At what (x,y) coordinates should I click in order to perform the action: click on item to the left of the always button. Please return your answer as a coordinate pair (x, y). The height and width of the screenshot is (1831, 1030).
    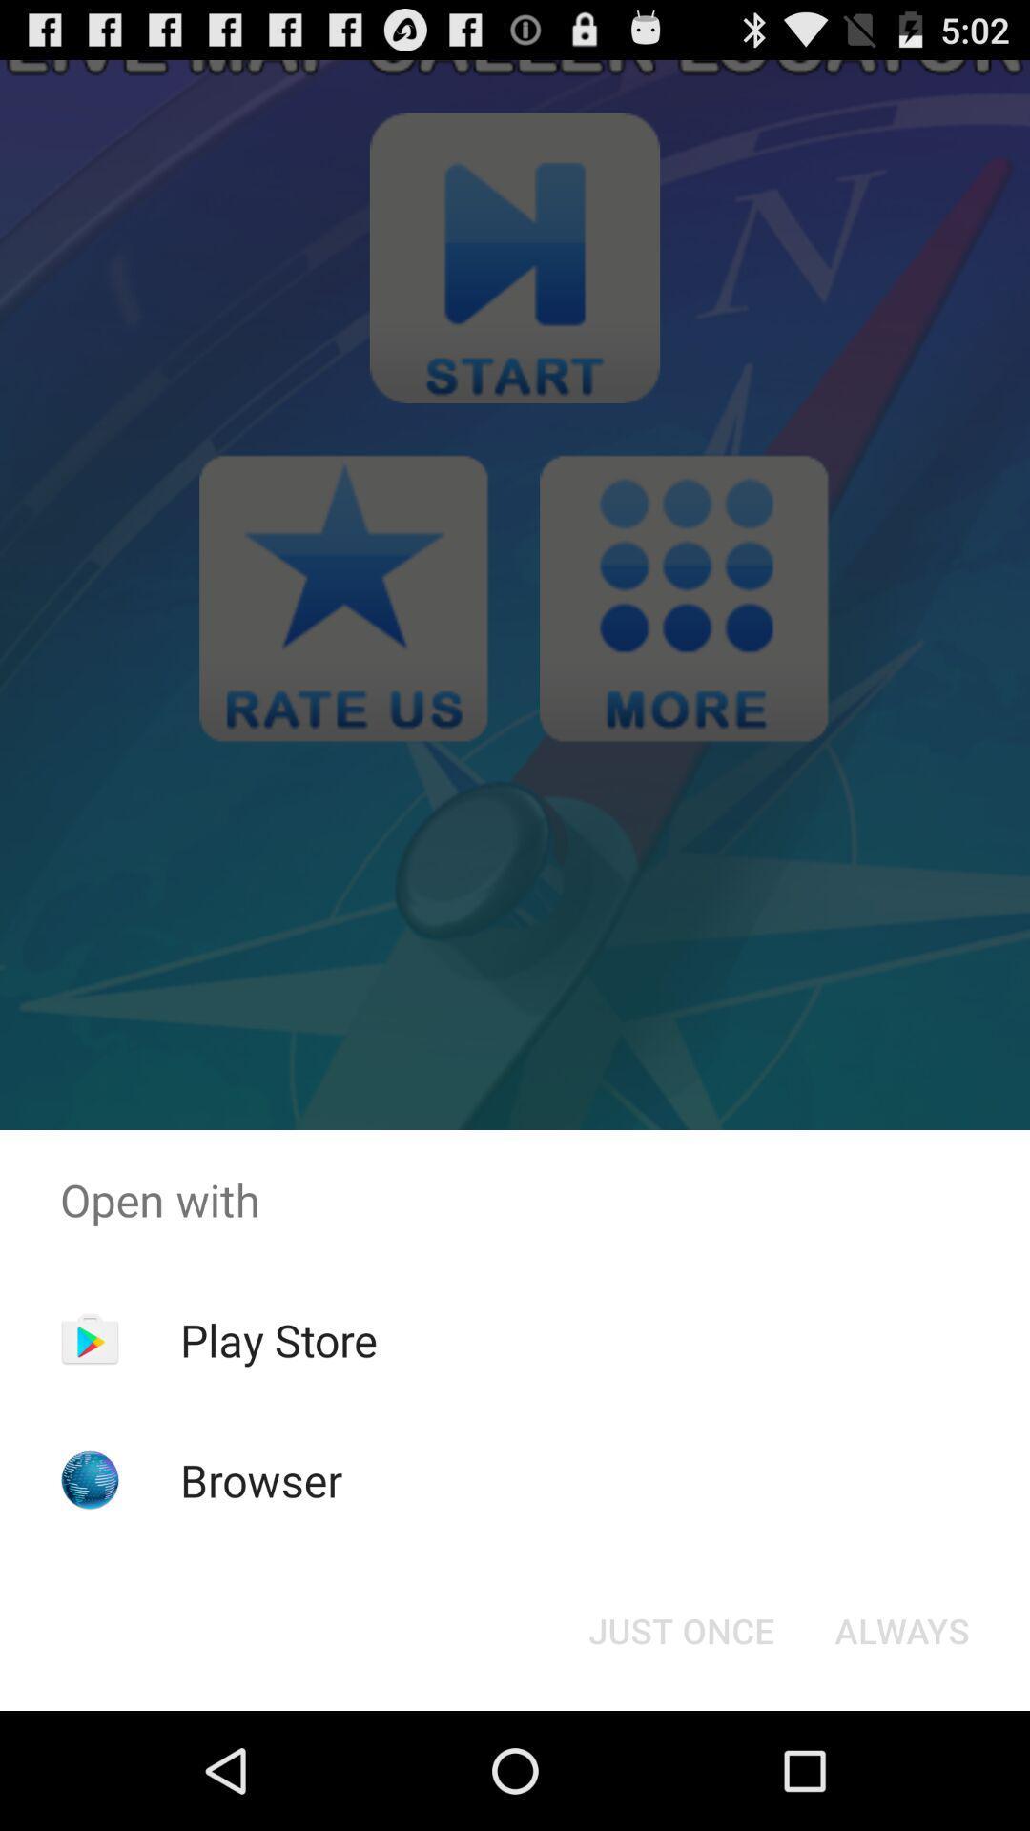
    Looking at the image, I should click on (680, 1629).